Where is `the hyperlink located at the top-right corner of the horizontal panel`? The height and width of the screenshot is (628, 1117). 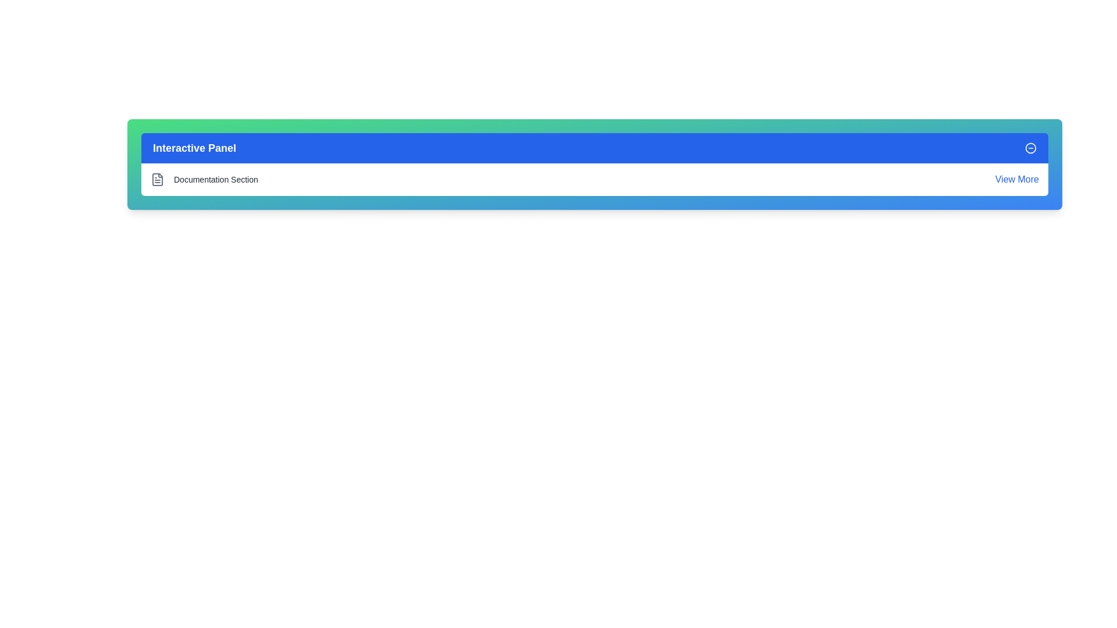
the hyperlink located at the top-right corner of the horizontal panel is located at coordinates (1016, 179).